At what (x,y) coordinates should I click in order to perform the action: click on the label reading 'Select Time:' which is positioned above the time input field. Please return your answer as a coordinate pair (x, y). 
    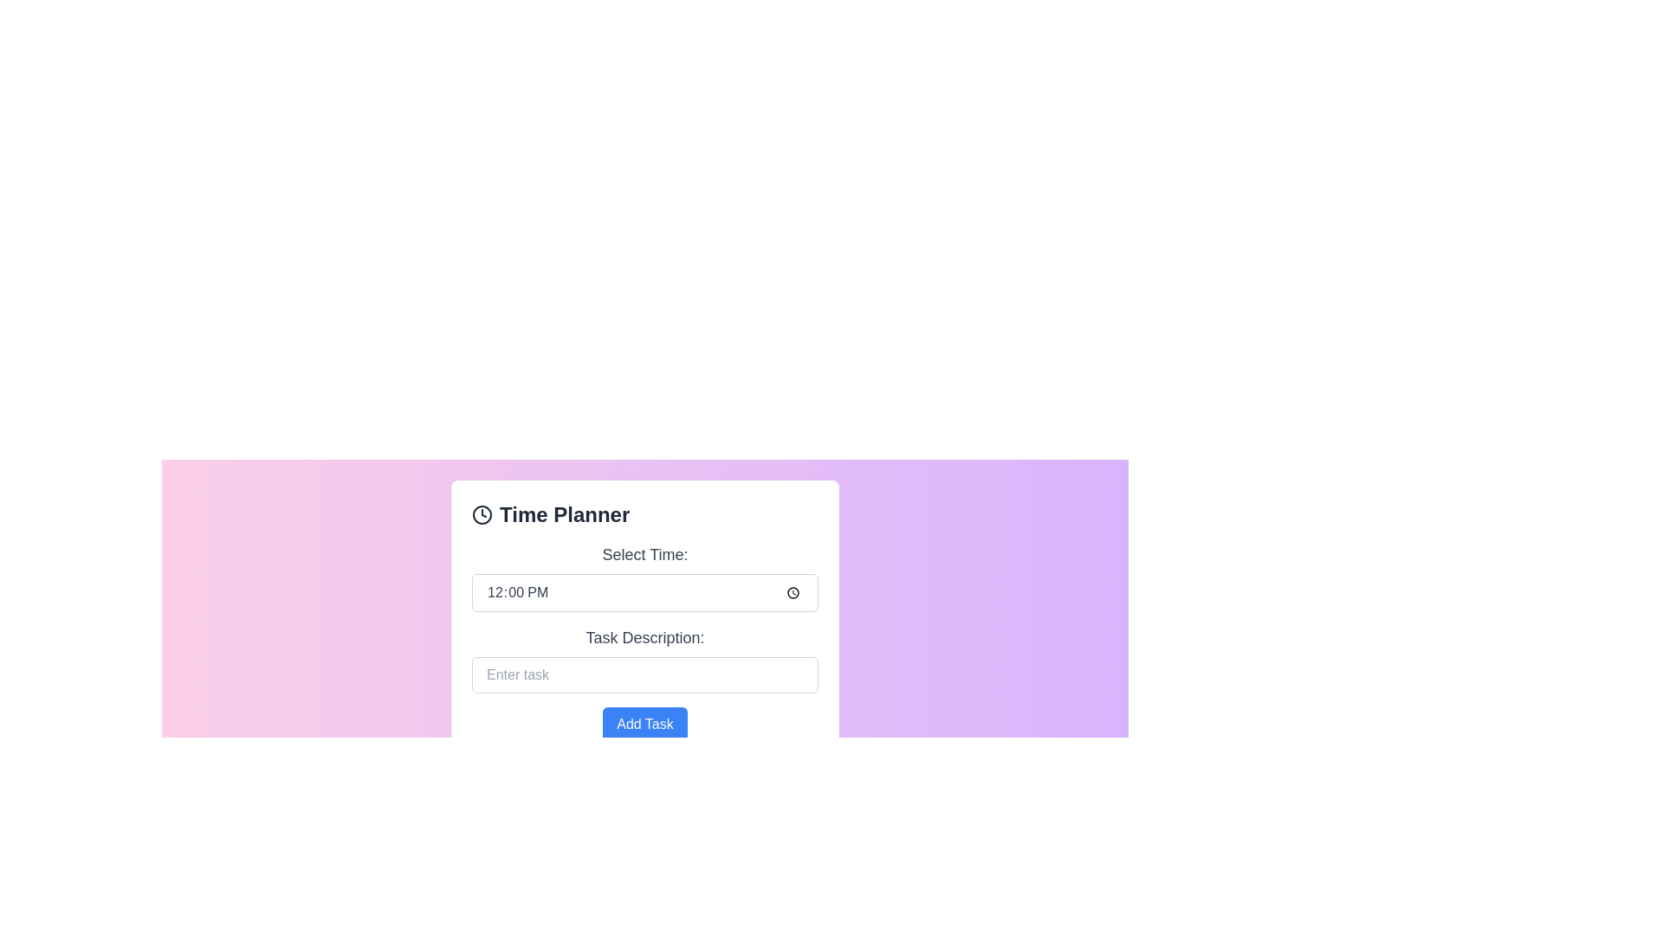
    Looking at the image, I should click on (644, 554).